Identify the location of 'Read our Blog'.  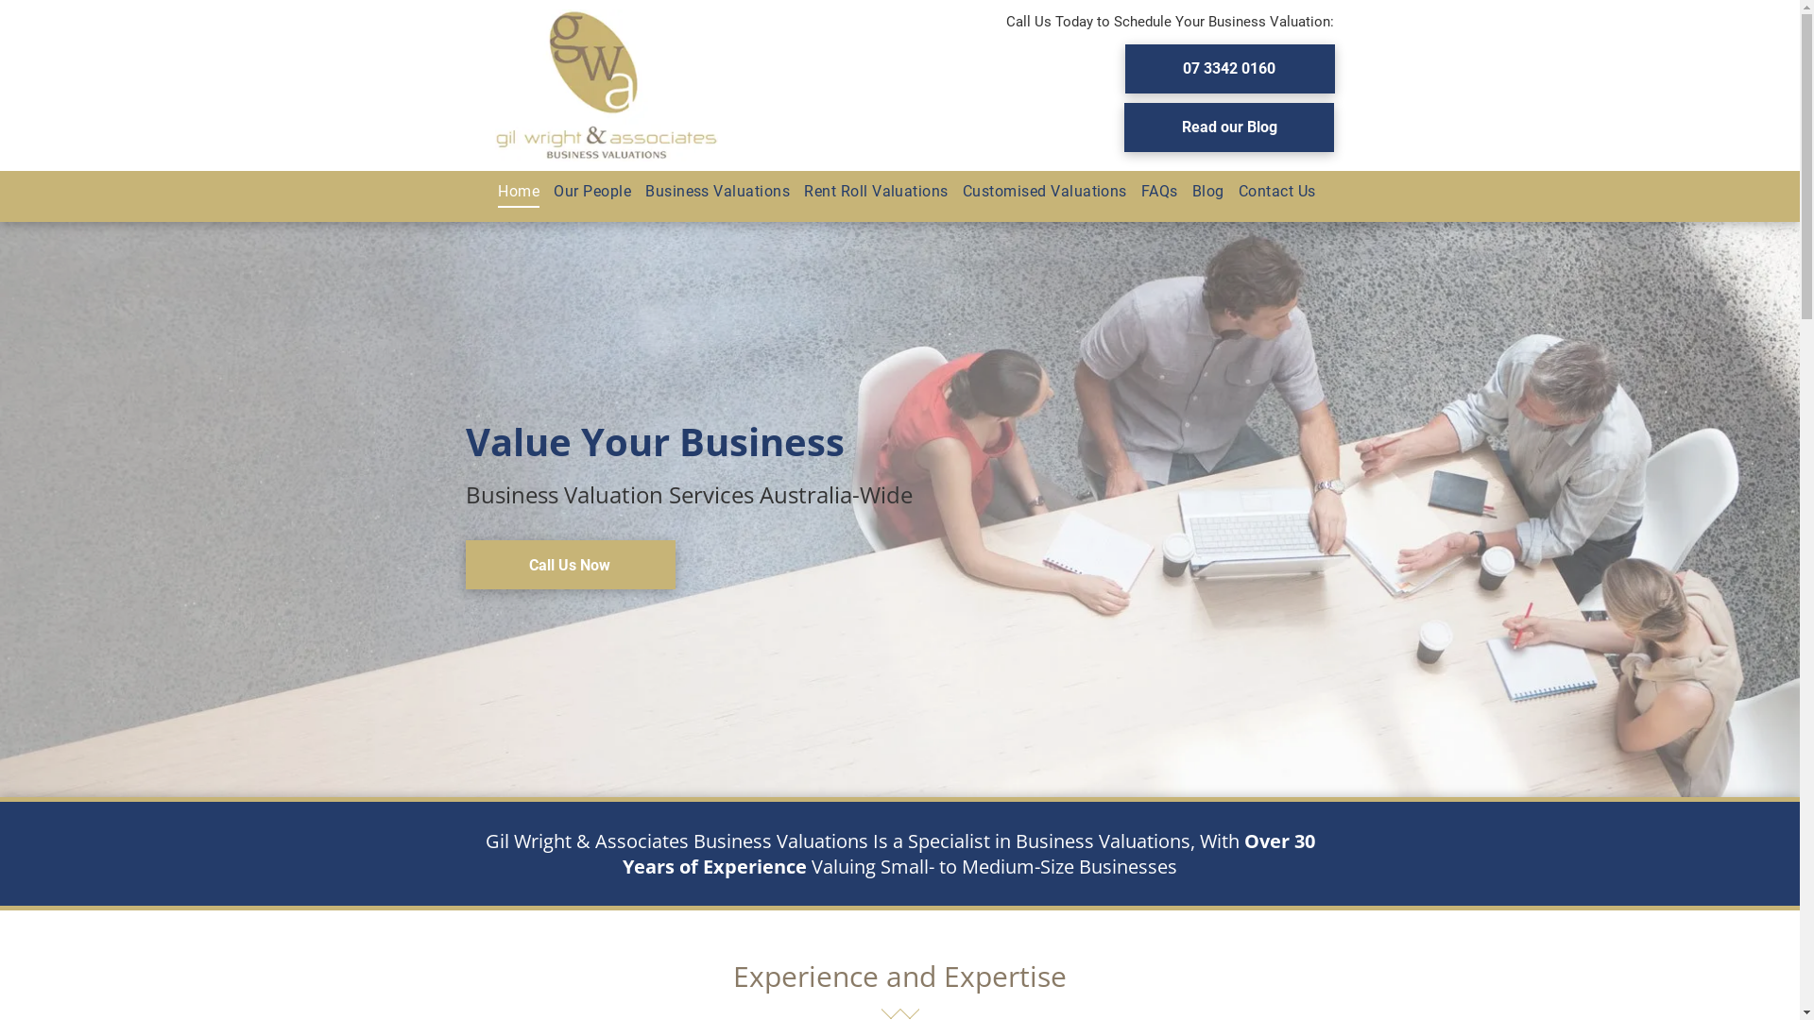
(1228, 127).